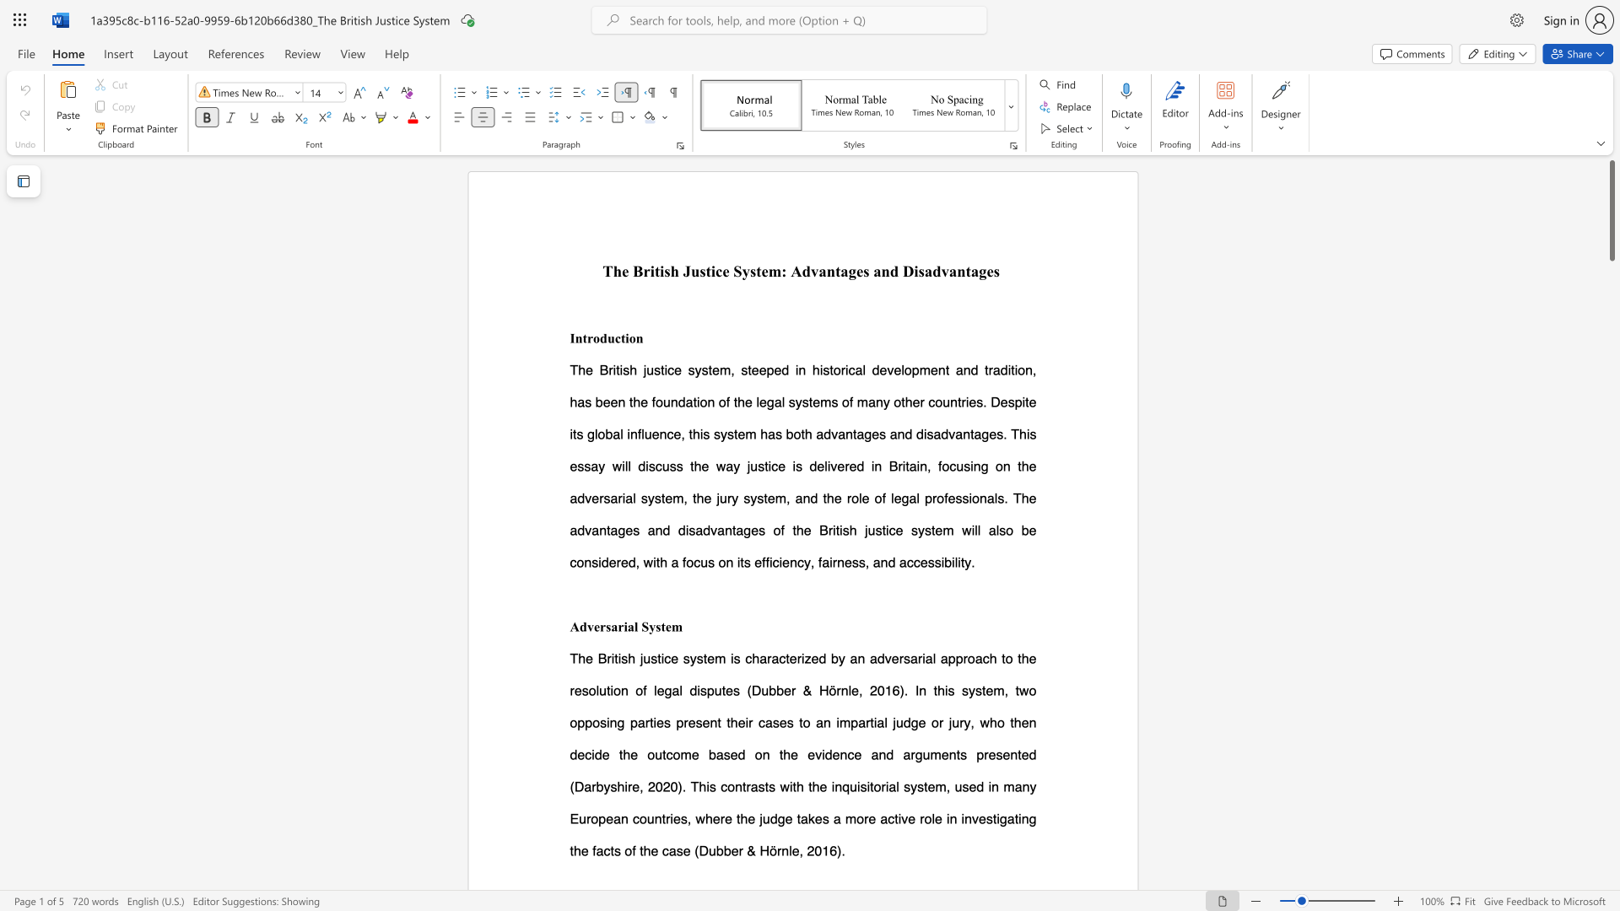  I want to click on the scrollbar to slide the page down, so click(1611, 404).